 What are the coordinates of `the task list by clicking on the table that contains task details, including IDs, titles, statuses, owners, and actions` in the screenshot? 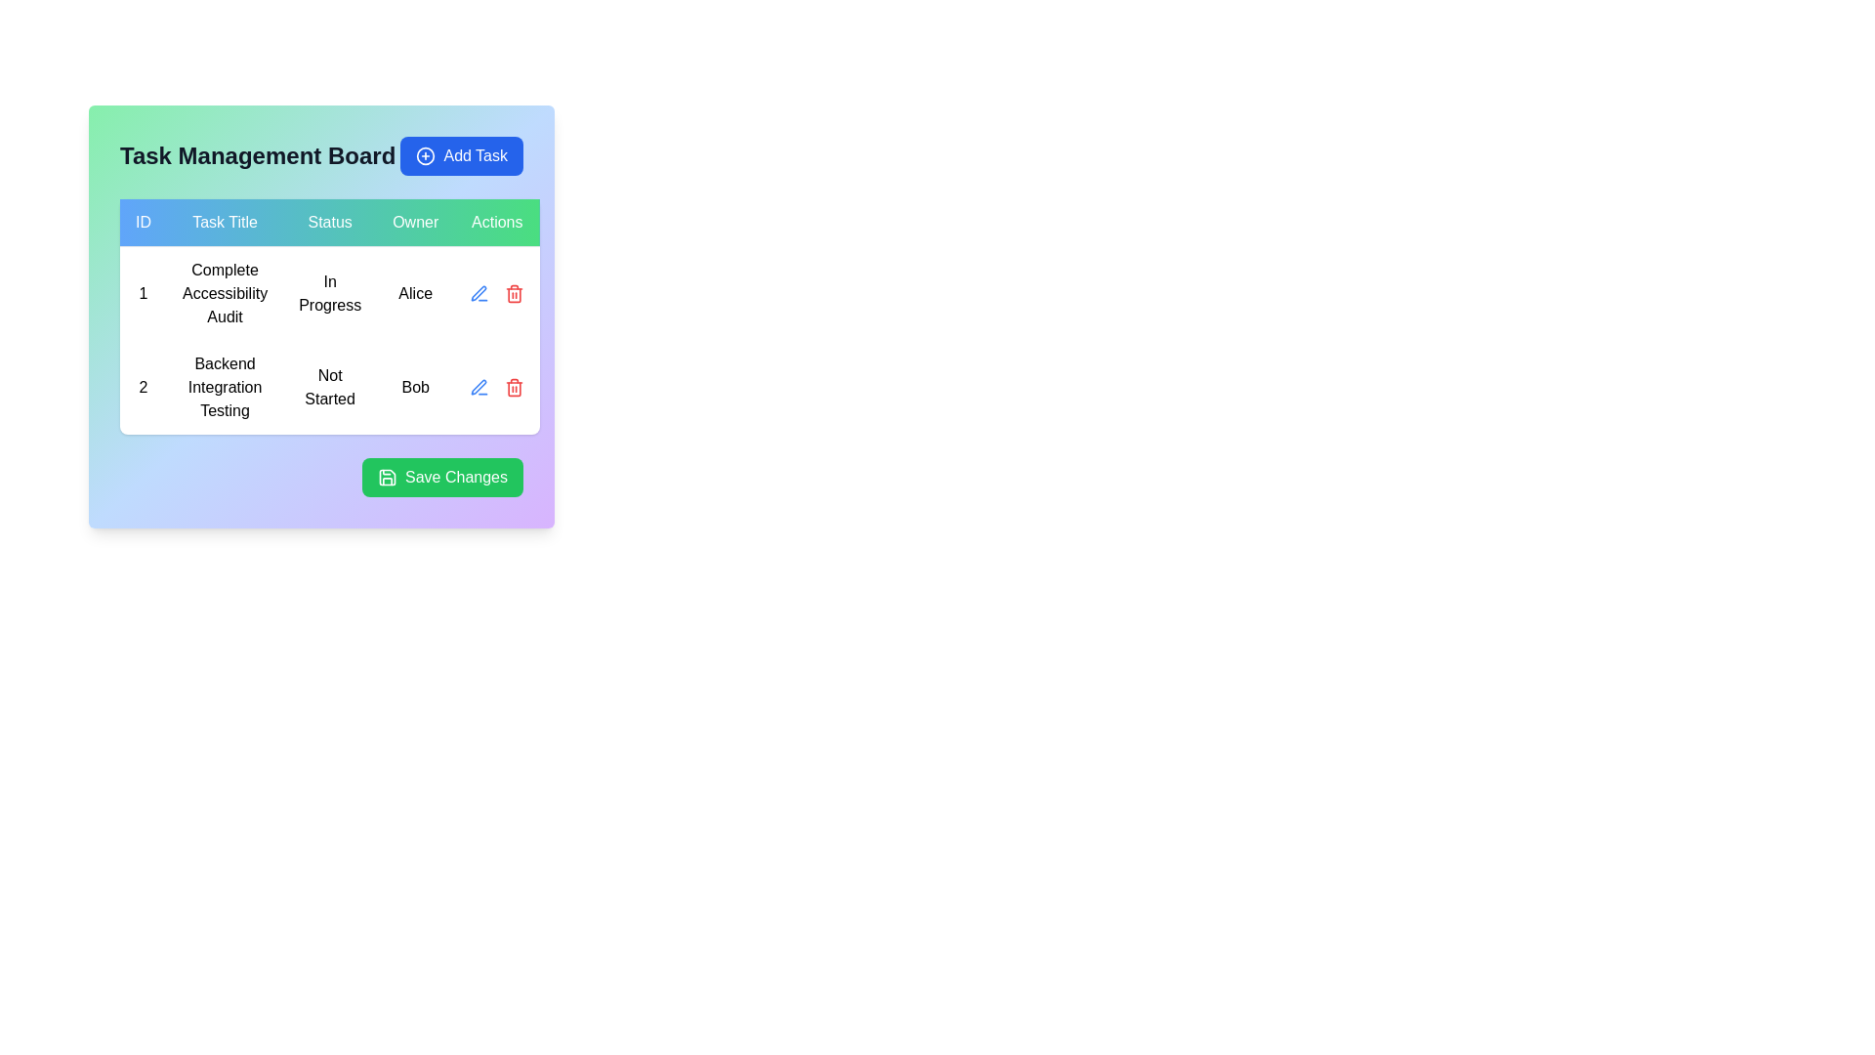 It's located at (329, 316).